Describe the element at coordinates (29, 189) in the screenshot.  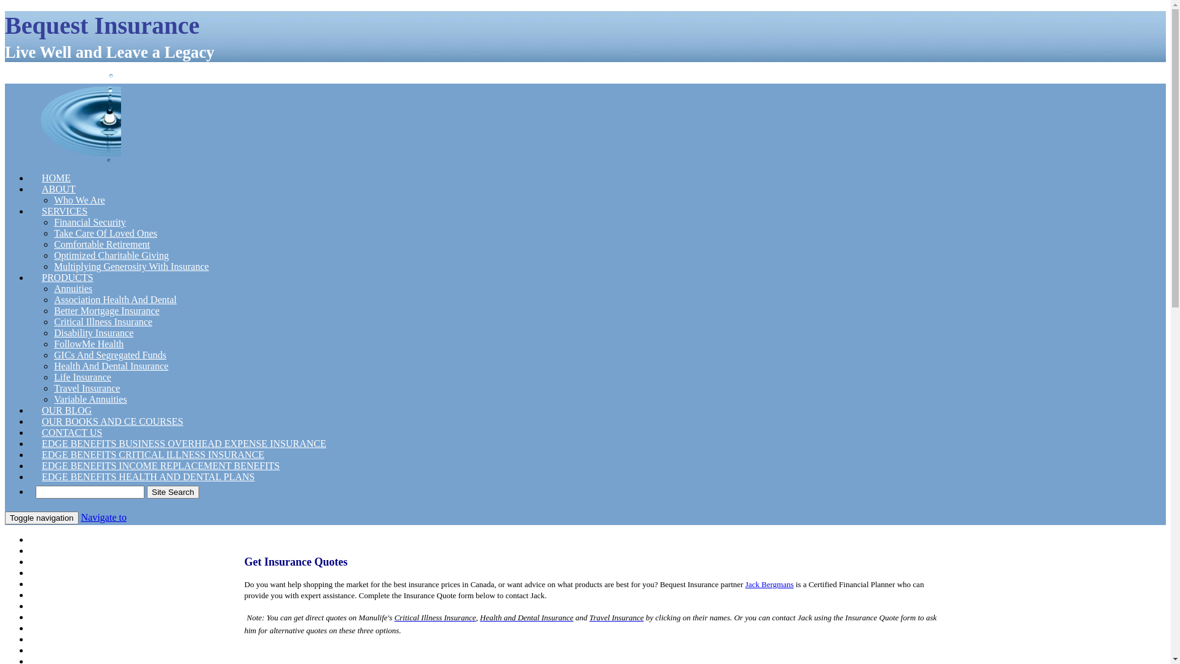
I see `'ABOUT'` at that location.